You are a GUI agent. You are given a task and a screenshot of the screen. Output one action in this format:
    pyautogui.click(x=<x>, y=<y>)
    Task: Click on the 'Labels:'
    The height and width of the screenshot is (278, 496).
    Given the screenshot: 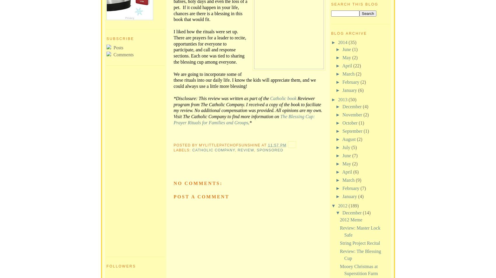 What is the action you would take?
    pyautogui.click(x=173, y=150)
    